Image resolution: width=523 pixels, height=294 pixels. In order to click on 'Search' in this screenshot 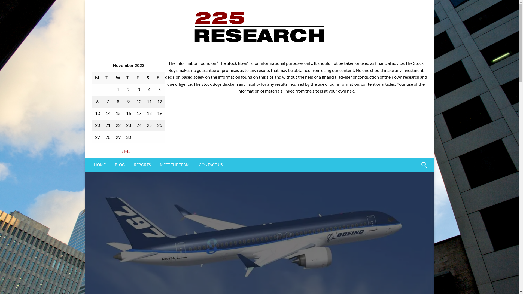, I will do `click(411, 168)`.